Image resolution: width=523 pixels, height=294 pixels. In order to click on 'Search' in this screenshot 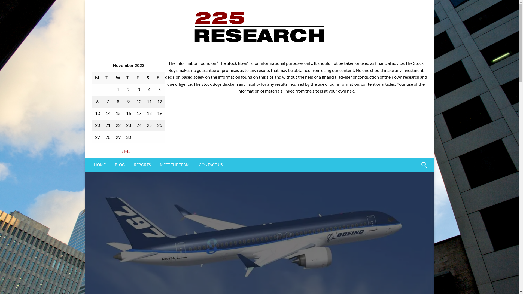, I will do `click(411, 168)`.